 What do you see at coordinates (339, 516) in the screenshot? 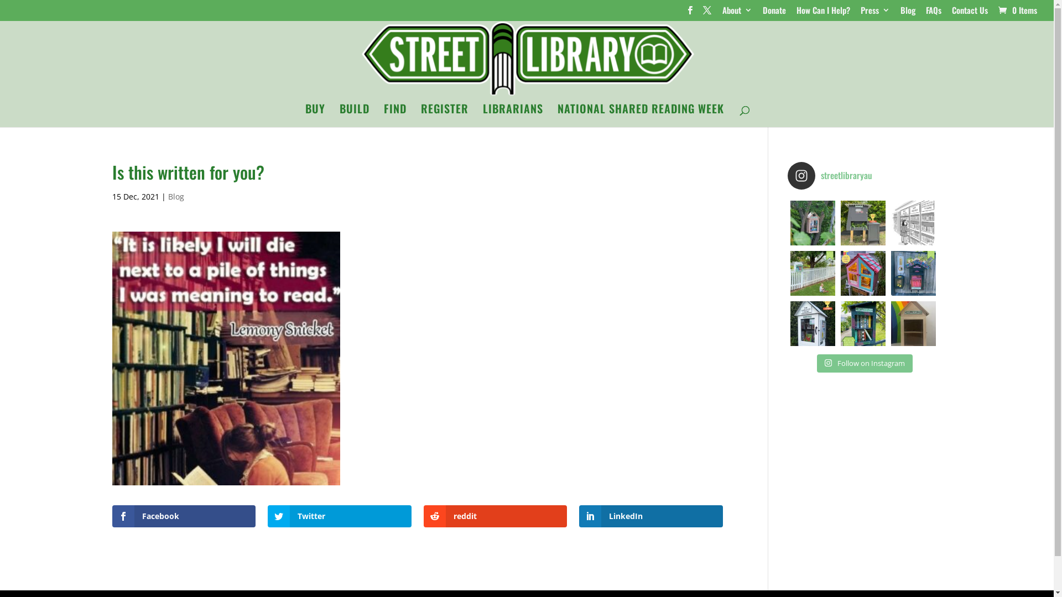
I see `'Twitter'` at bounding box center [339, 516].